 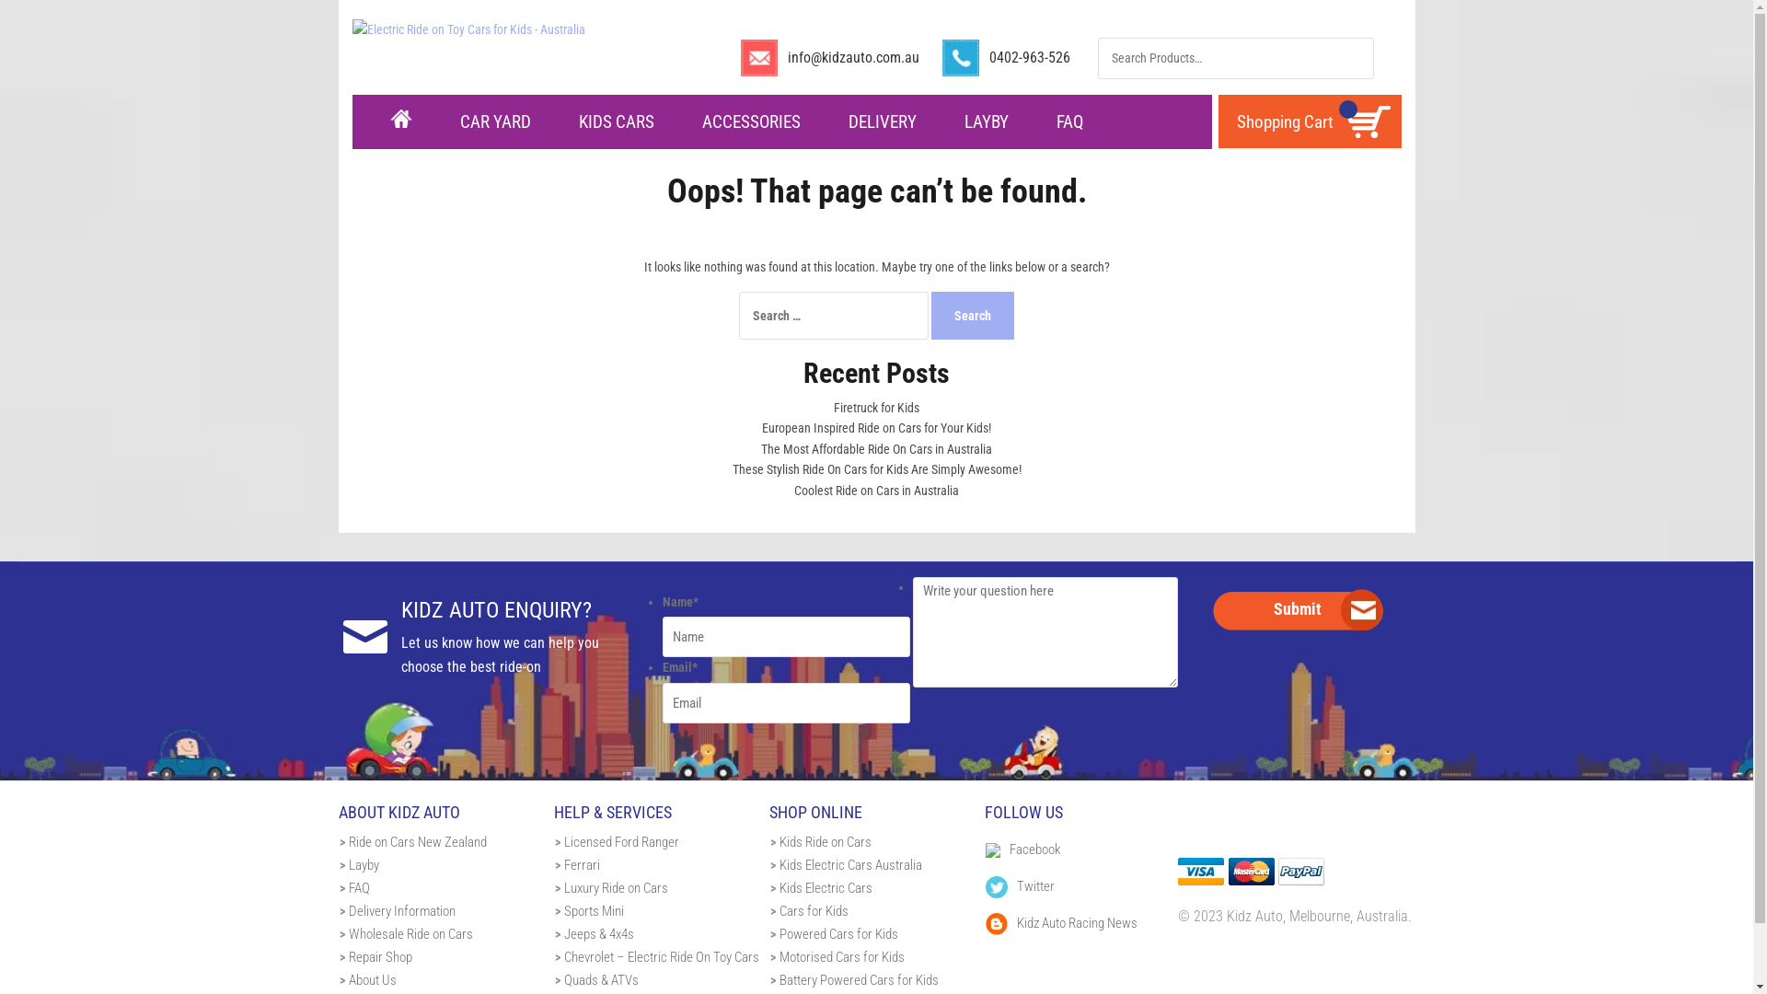 I want to click on 'Wholesale Ride on Cars', so click(x=348, y=933).